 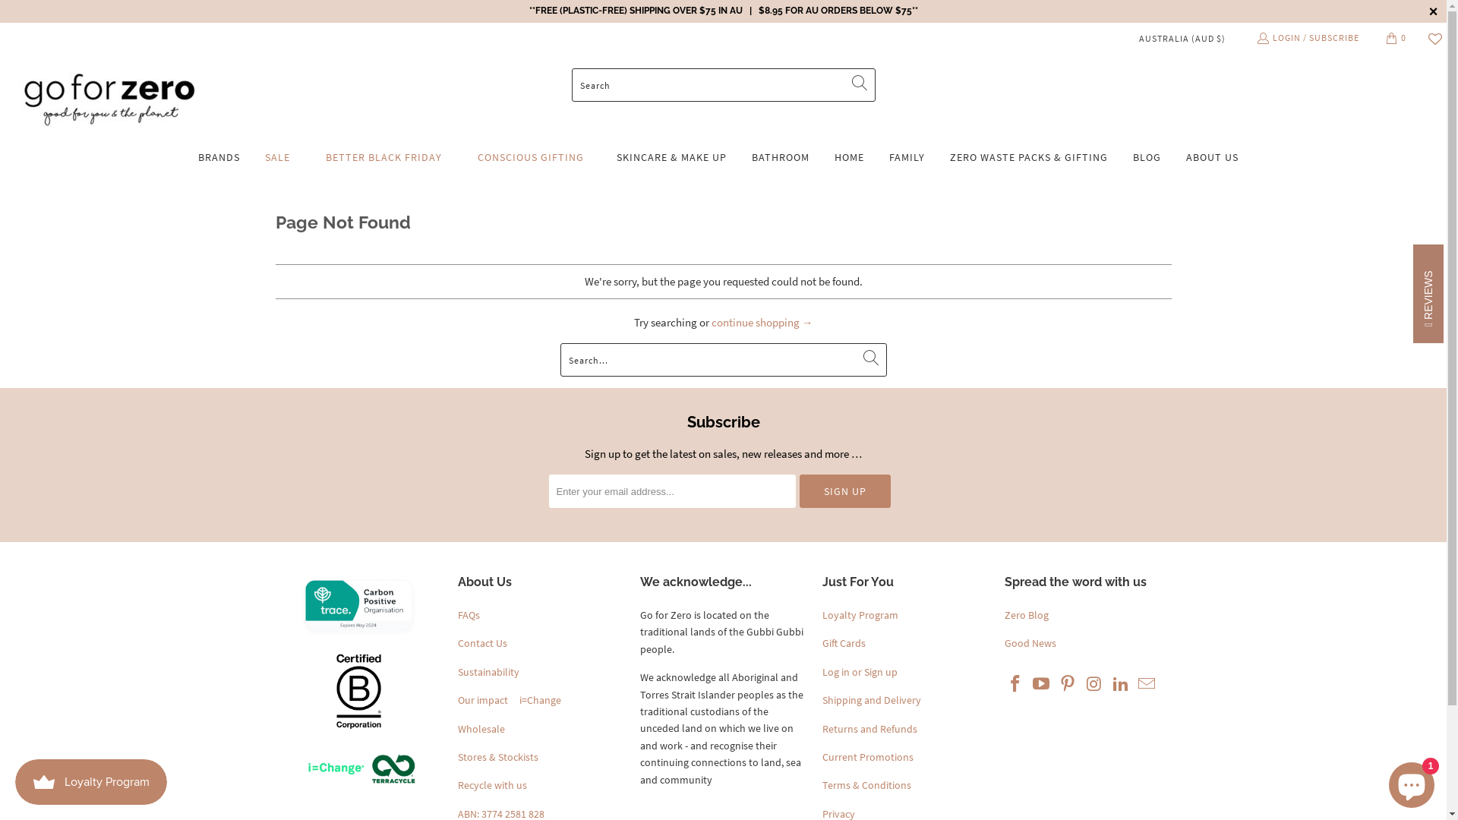 I want to click on 'Returns and Refunds', so click(x=869, y=728).